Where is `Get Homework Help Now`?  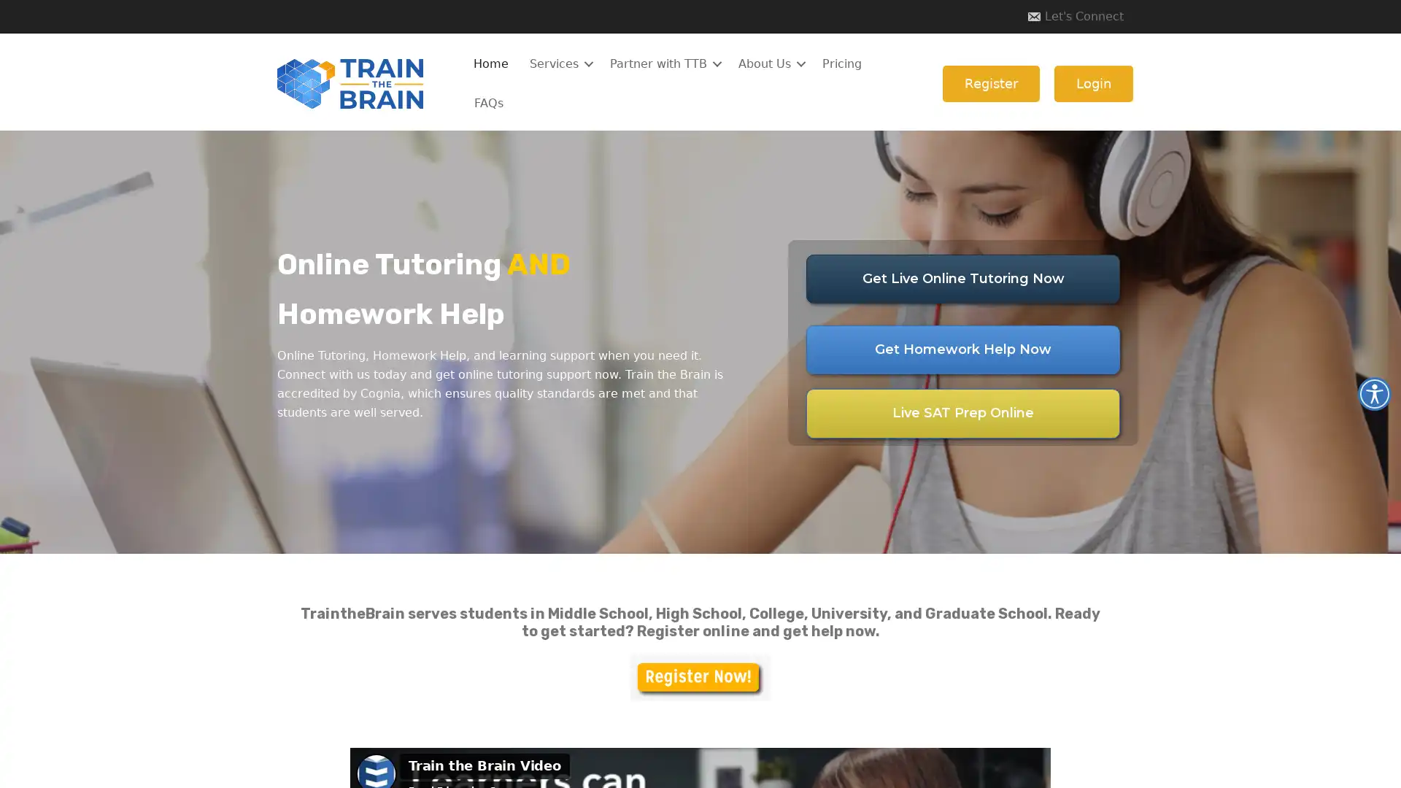 Get Homework Help Now is located at coordinates (963, 349).